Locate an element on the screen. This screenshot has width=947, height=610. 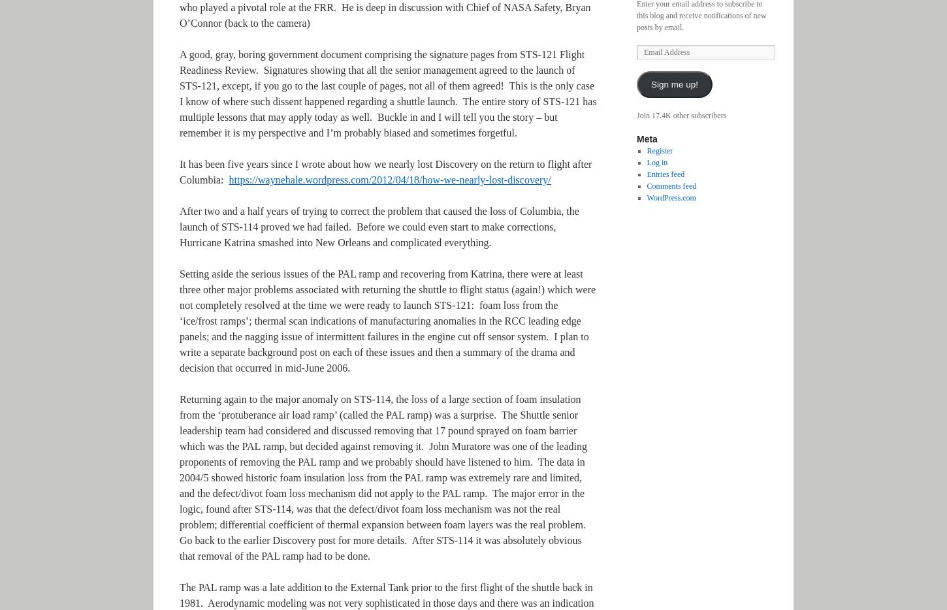
'Log in' is located at coordinates (657, 163).